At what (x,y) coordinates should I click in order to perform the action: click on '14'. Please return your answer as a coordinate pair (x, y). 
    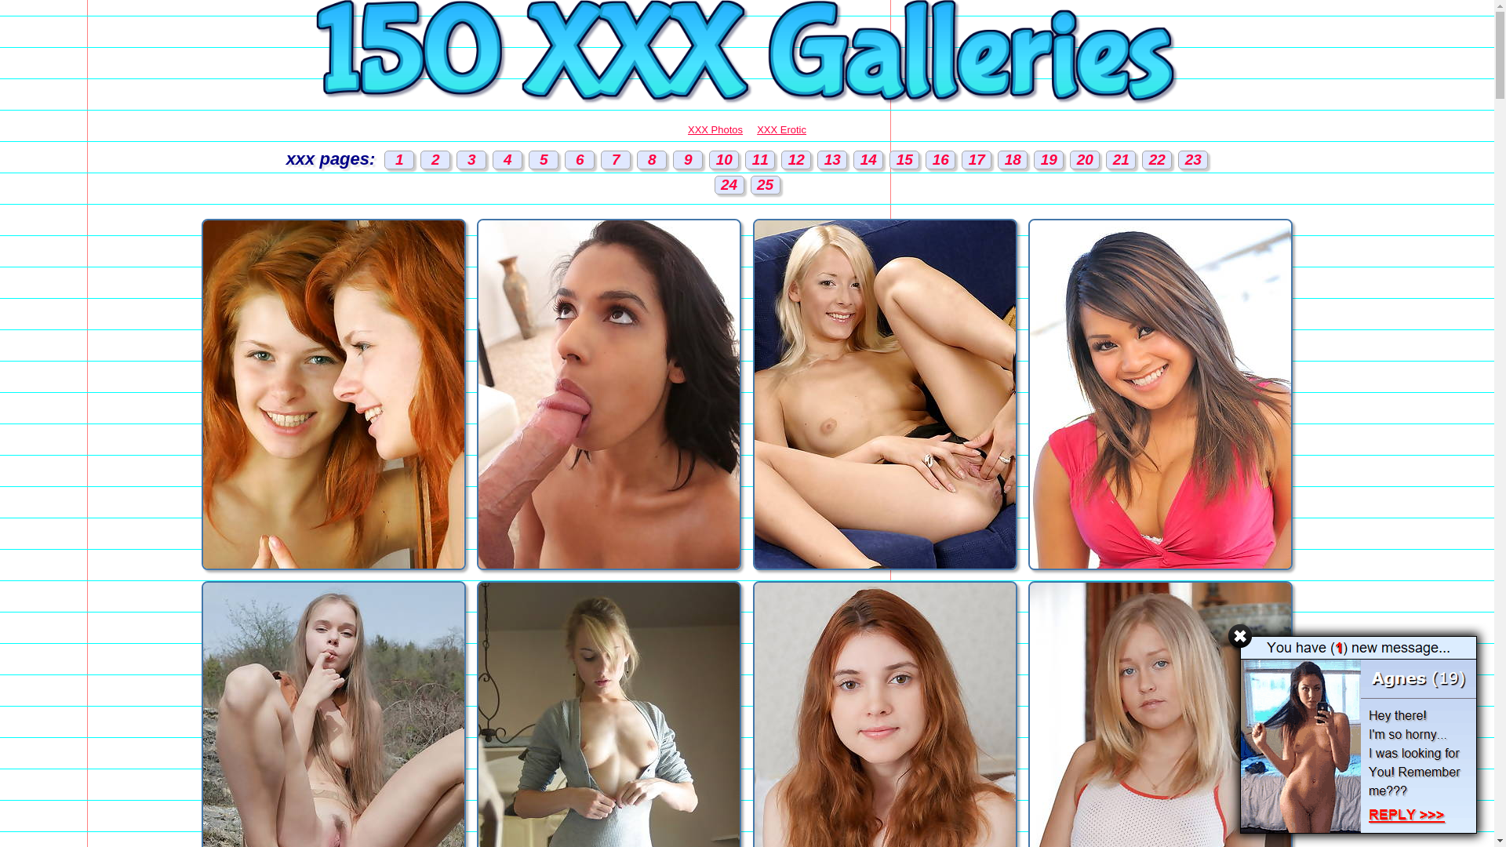
    Looking at the image, I should click on (868, 160).